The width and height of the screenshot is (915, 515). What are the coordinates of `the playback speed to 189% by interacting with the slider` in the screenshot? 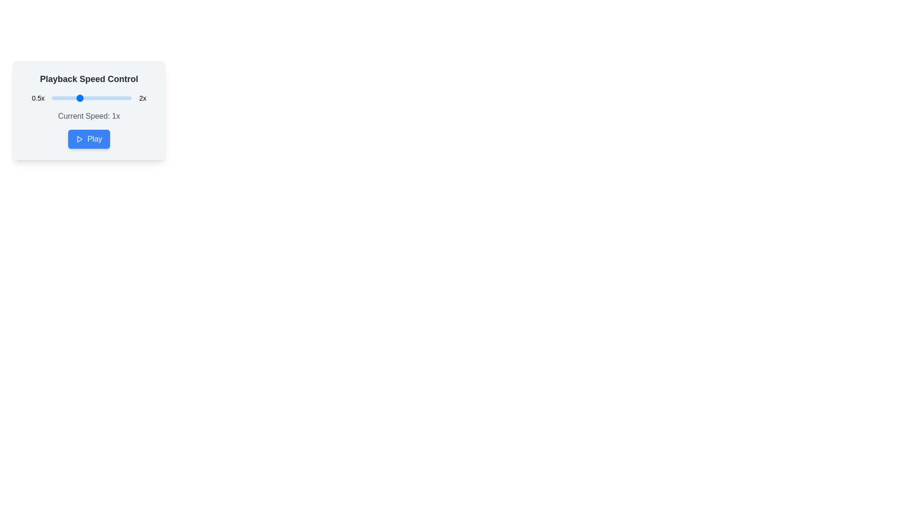 It's located at (125, 98).